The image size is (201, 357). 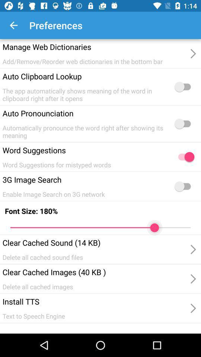 I want to click on clipboard lookup, so click(x=184, y=87).